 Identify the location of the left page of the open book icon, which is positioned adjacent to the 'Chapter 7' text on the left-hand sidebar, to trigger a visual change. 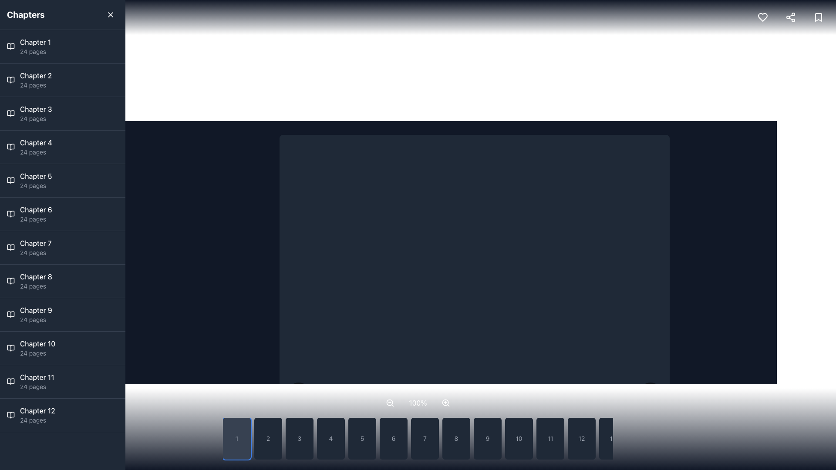
(10, 248).